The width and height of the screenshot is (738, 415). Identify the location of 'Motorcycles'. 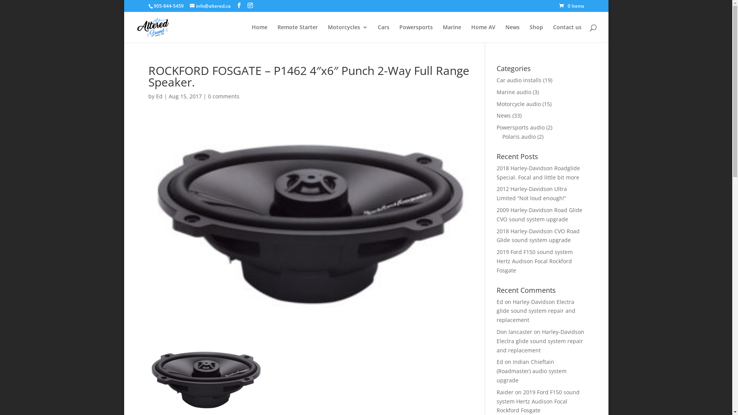
(347, 33).